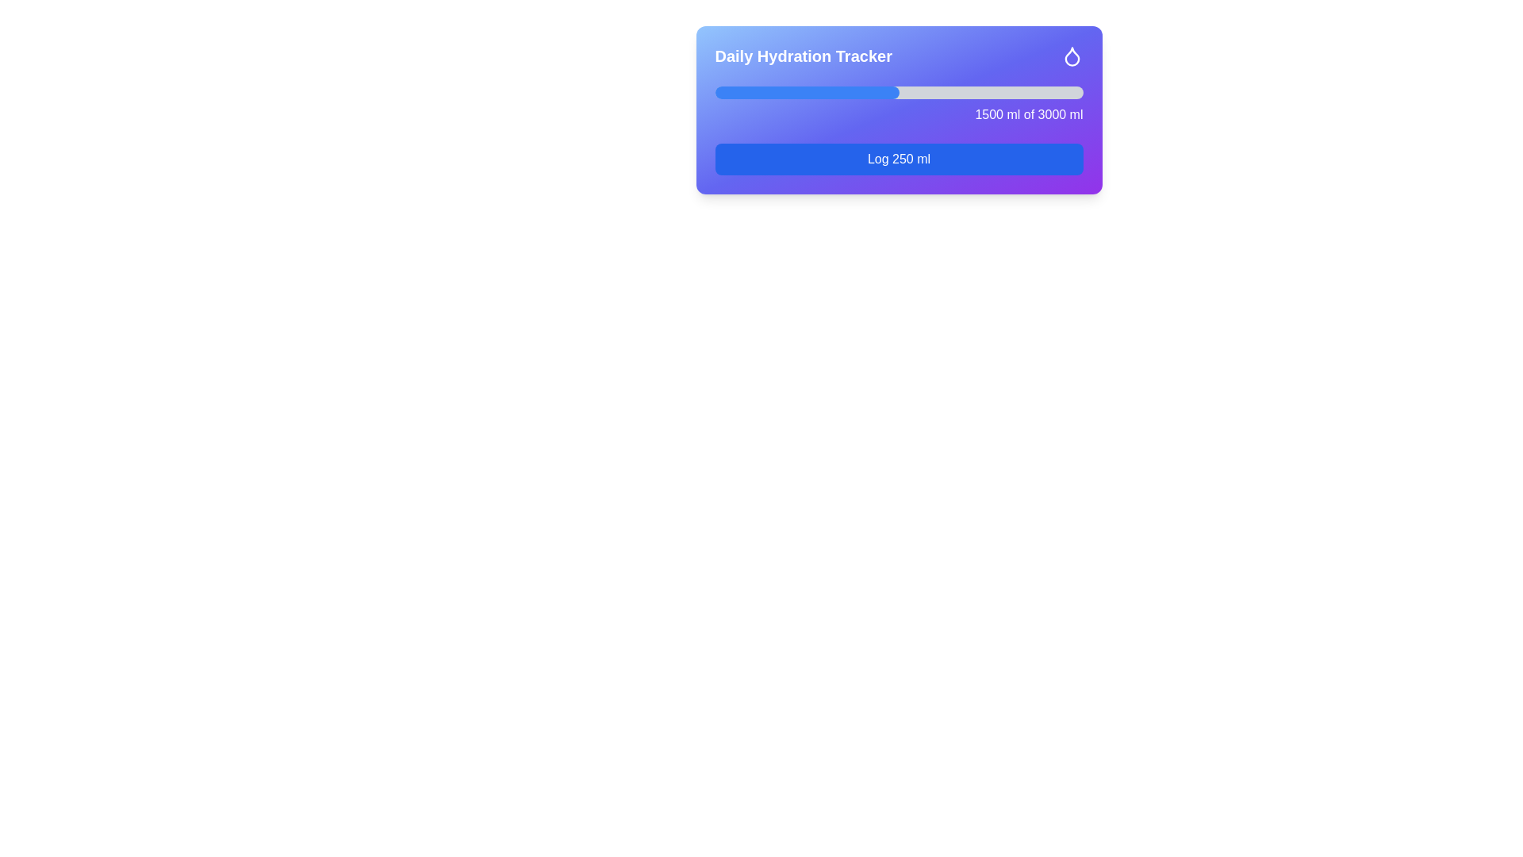  I want to click on the Progress bar with a text label indicating '1500 ml of 3000 ml', so click(899, 105).